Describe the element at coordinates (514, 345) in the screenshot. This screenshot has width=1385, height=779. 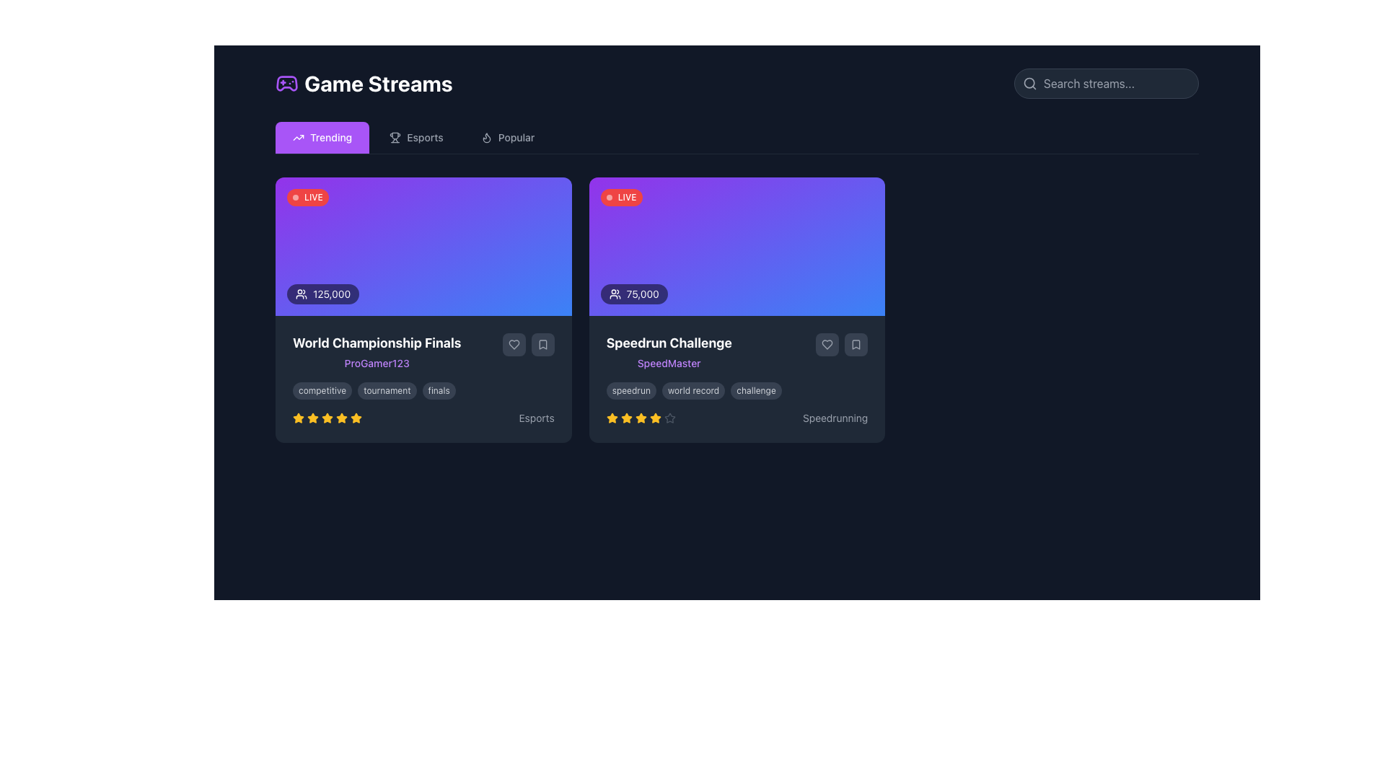
I see `the circular button with a heart icon in its center, located at the bottom-right of the 'World Championship Finals' card` at that location.